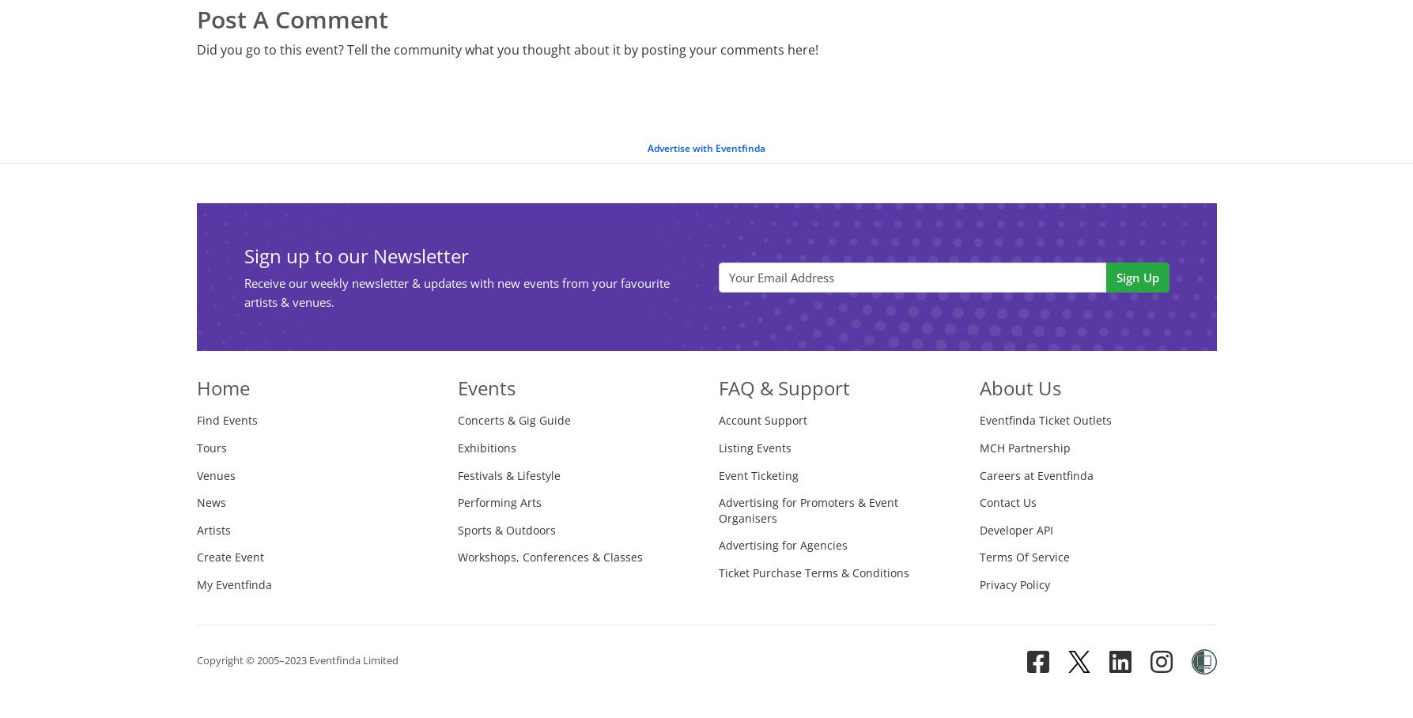 Image resolution: width=1413 pixels, height=718 pixels. I want to click on 'Careers at Eventfinda', so click(1035, 474).